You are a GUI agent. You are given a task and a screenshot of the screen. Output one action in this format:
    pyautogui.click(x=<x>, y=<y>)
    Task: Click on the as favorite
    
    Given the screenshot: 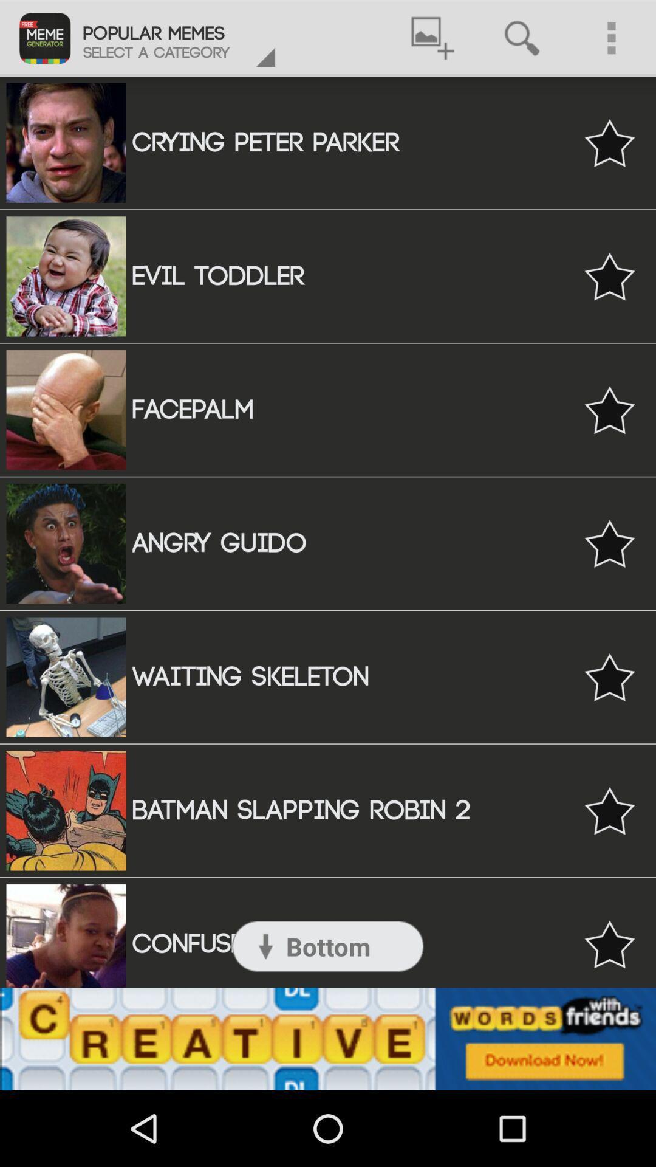 What is the action you would take?
    pyautogui.click(x=609, y=410)
    